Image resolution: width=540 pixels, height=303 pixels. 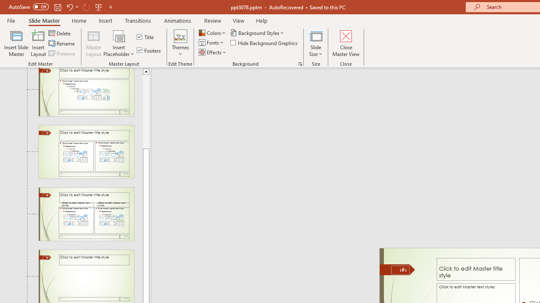 I want to click on 'Title TextBox', so click(x=476, y=269).